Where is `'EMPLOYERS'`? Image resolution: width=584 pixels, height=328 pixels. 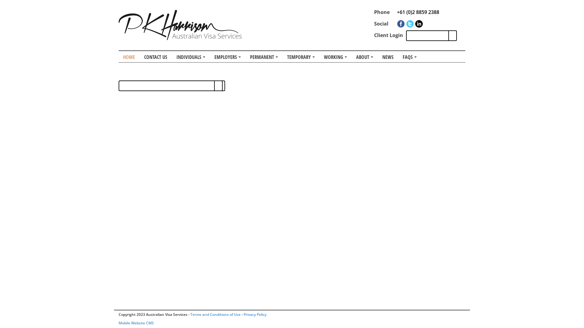
'EMPLOYERS' is located at coordinates (227, 56).